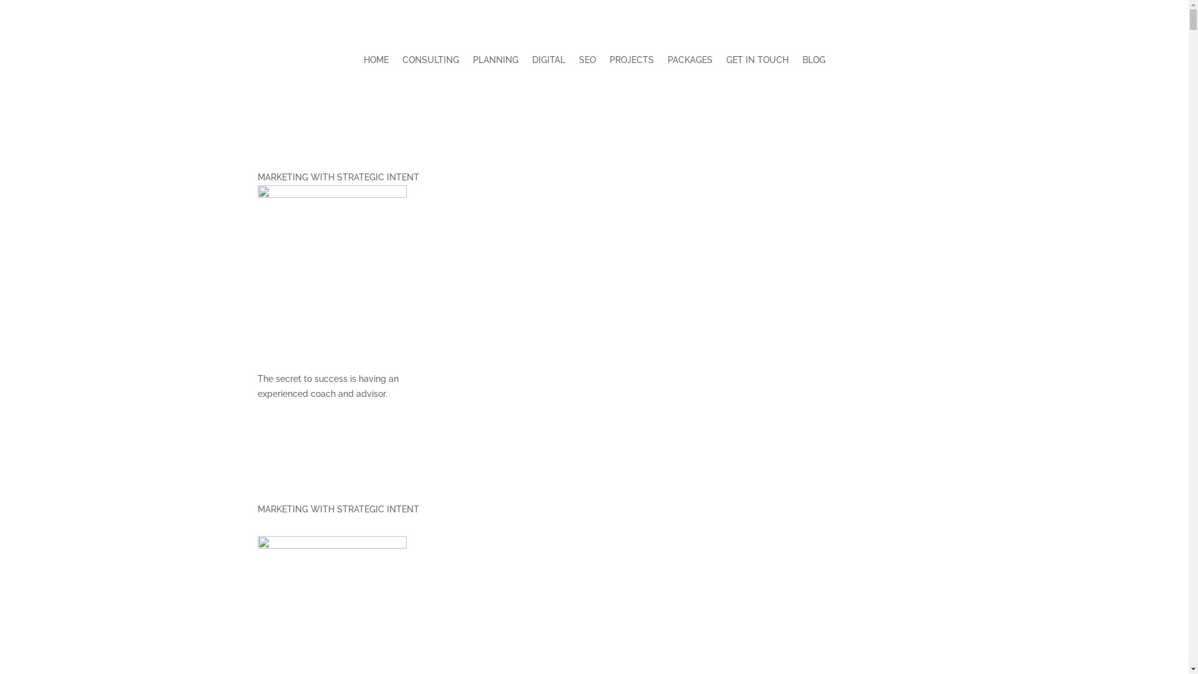 This screenshot has width=1198, height=674. What do you see at coordinates (689, 62) in the screenshot?
I see `'PACKAGES'` at bounding box center [689, 62].